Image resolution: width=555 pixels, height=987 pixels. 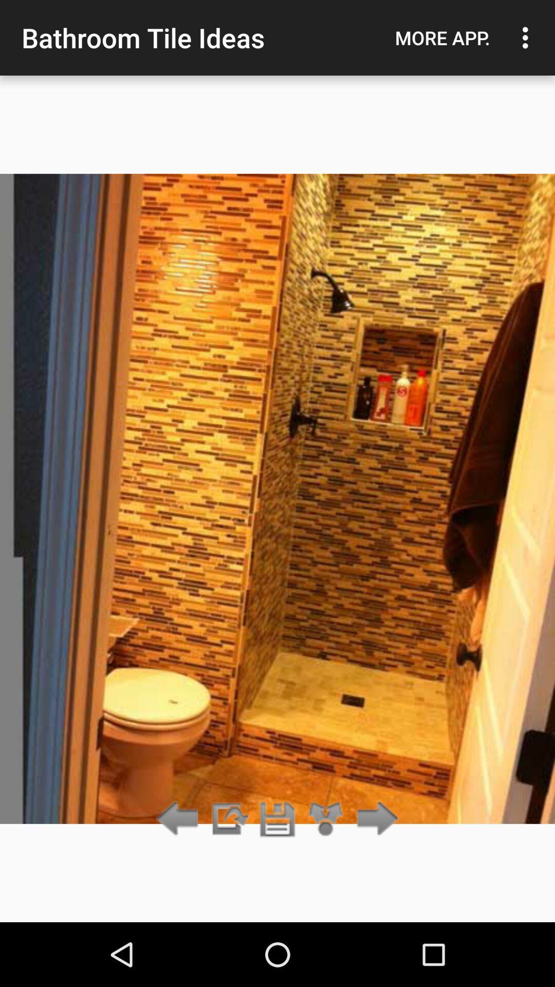 I want to click on next item, so click(x=228, y=819).